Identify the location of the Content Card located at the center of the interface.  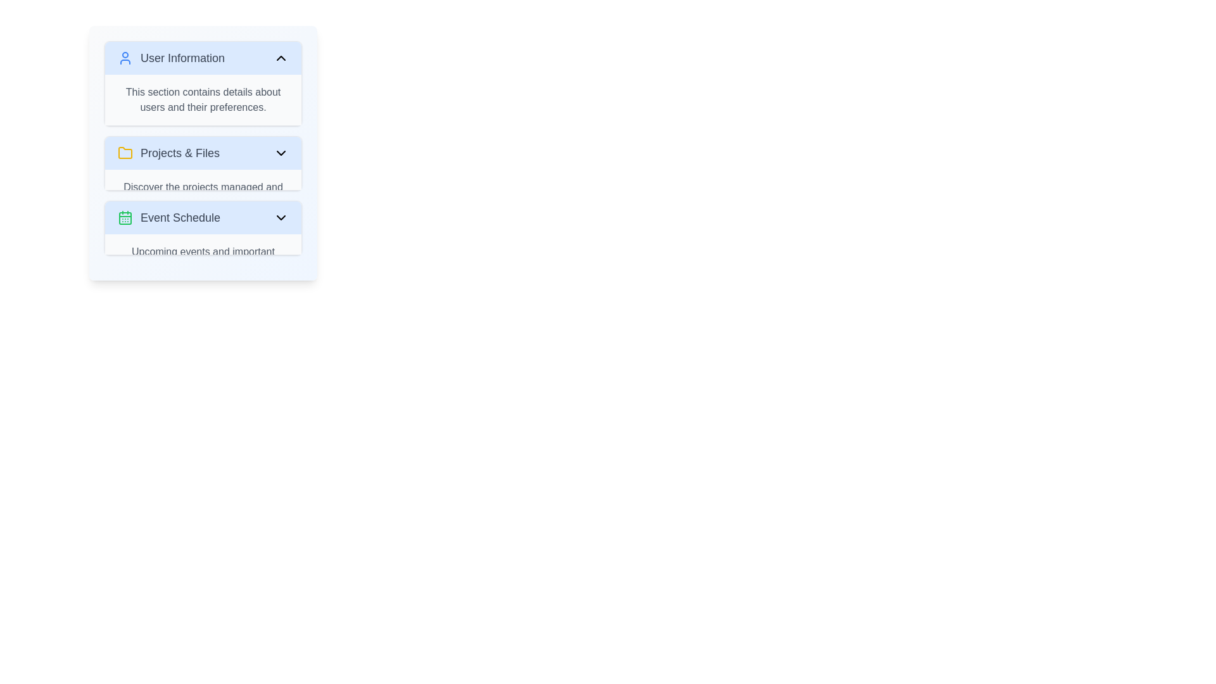
(203, 153).